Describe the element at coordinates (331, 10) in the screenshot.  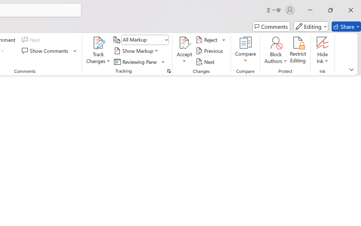
I see `'Restore Down'` at that location.